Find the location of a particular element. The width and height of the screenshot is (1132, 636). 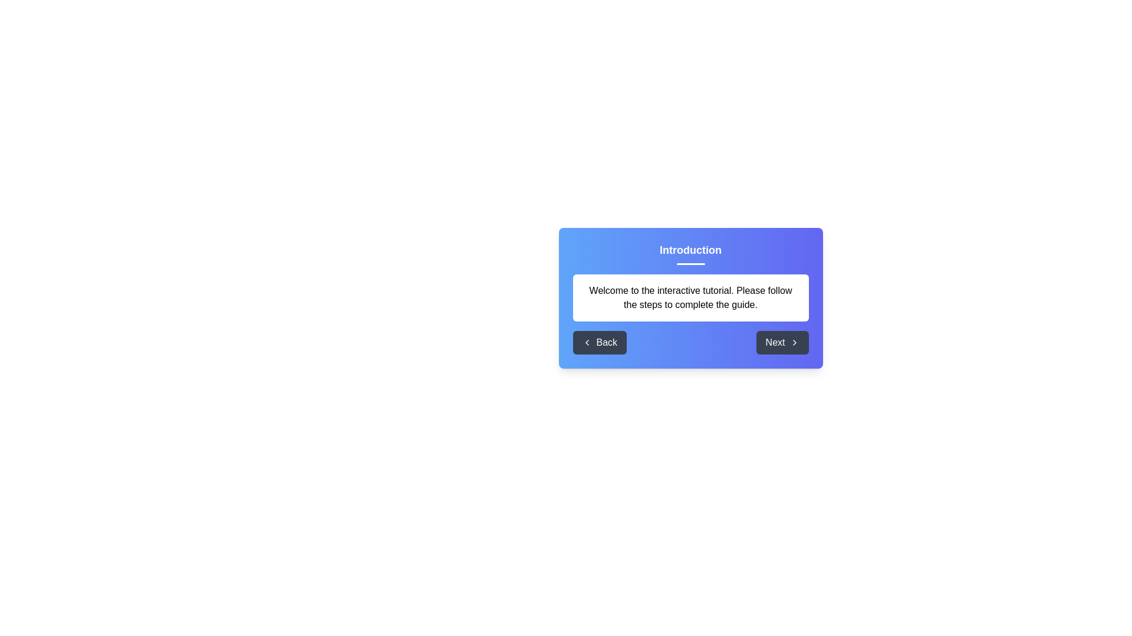

the Decorative Line element located underneath the 'Introduction' heading, which serves as a horizontal accent to separate the heading from the content is located at coordinates (690, 263).